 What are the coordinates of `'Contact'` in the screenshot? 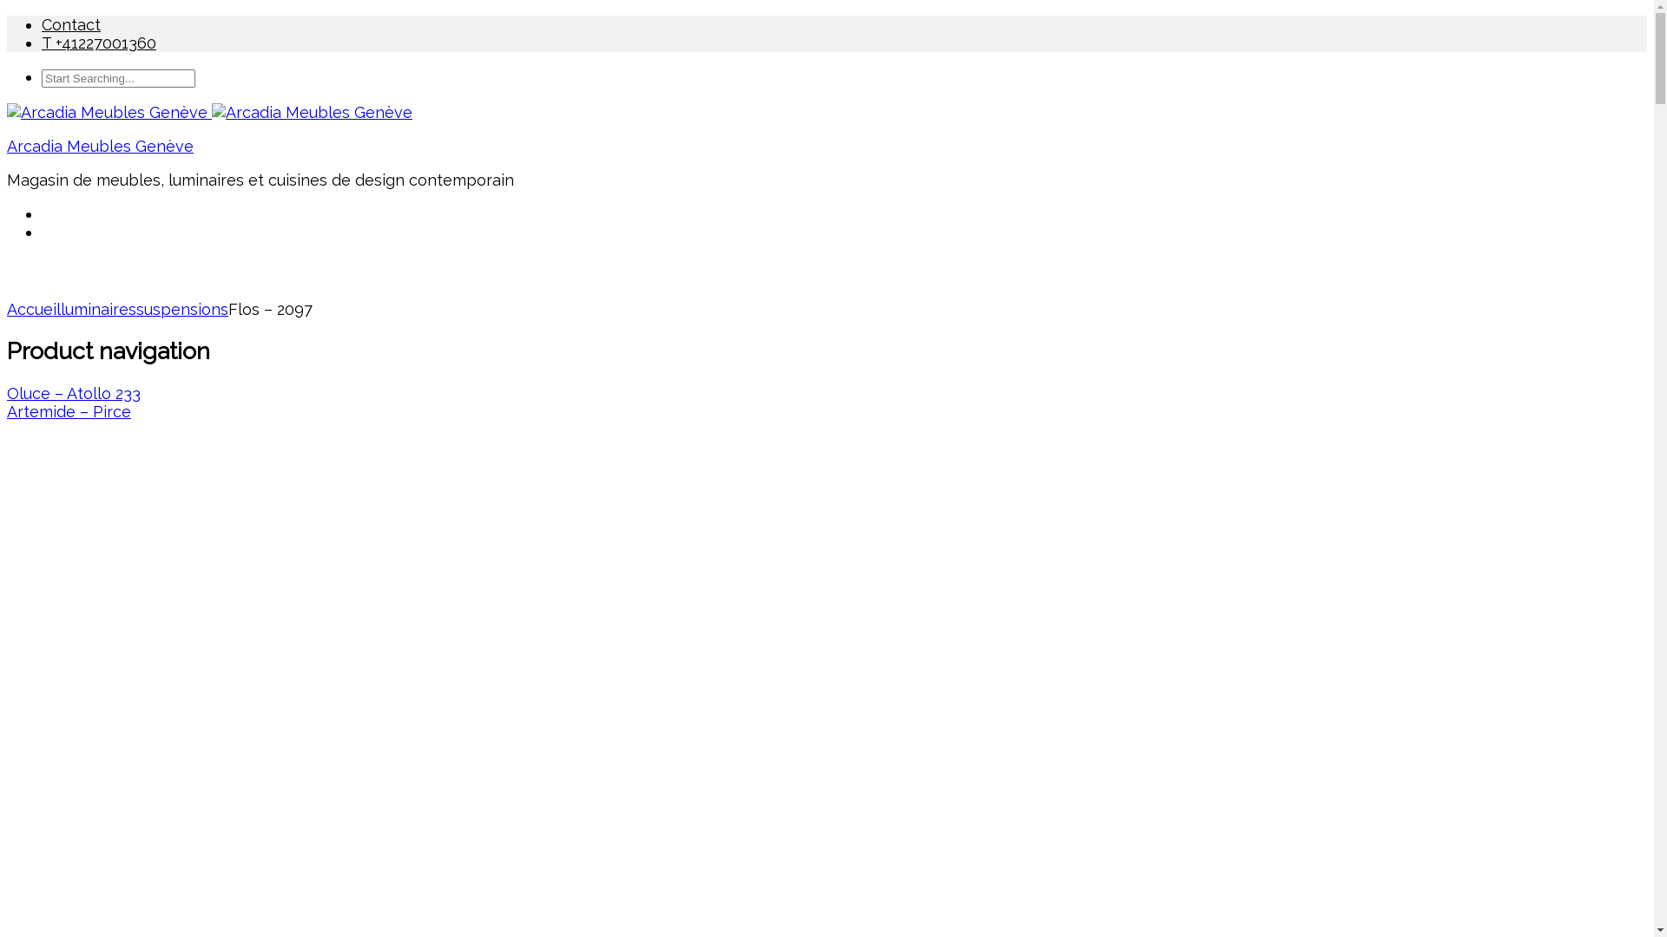 It's located at (69, 24).